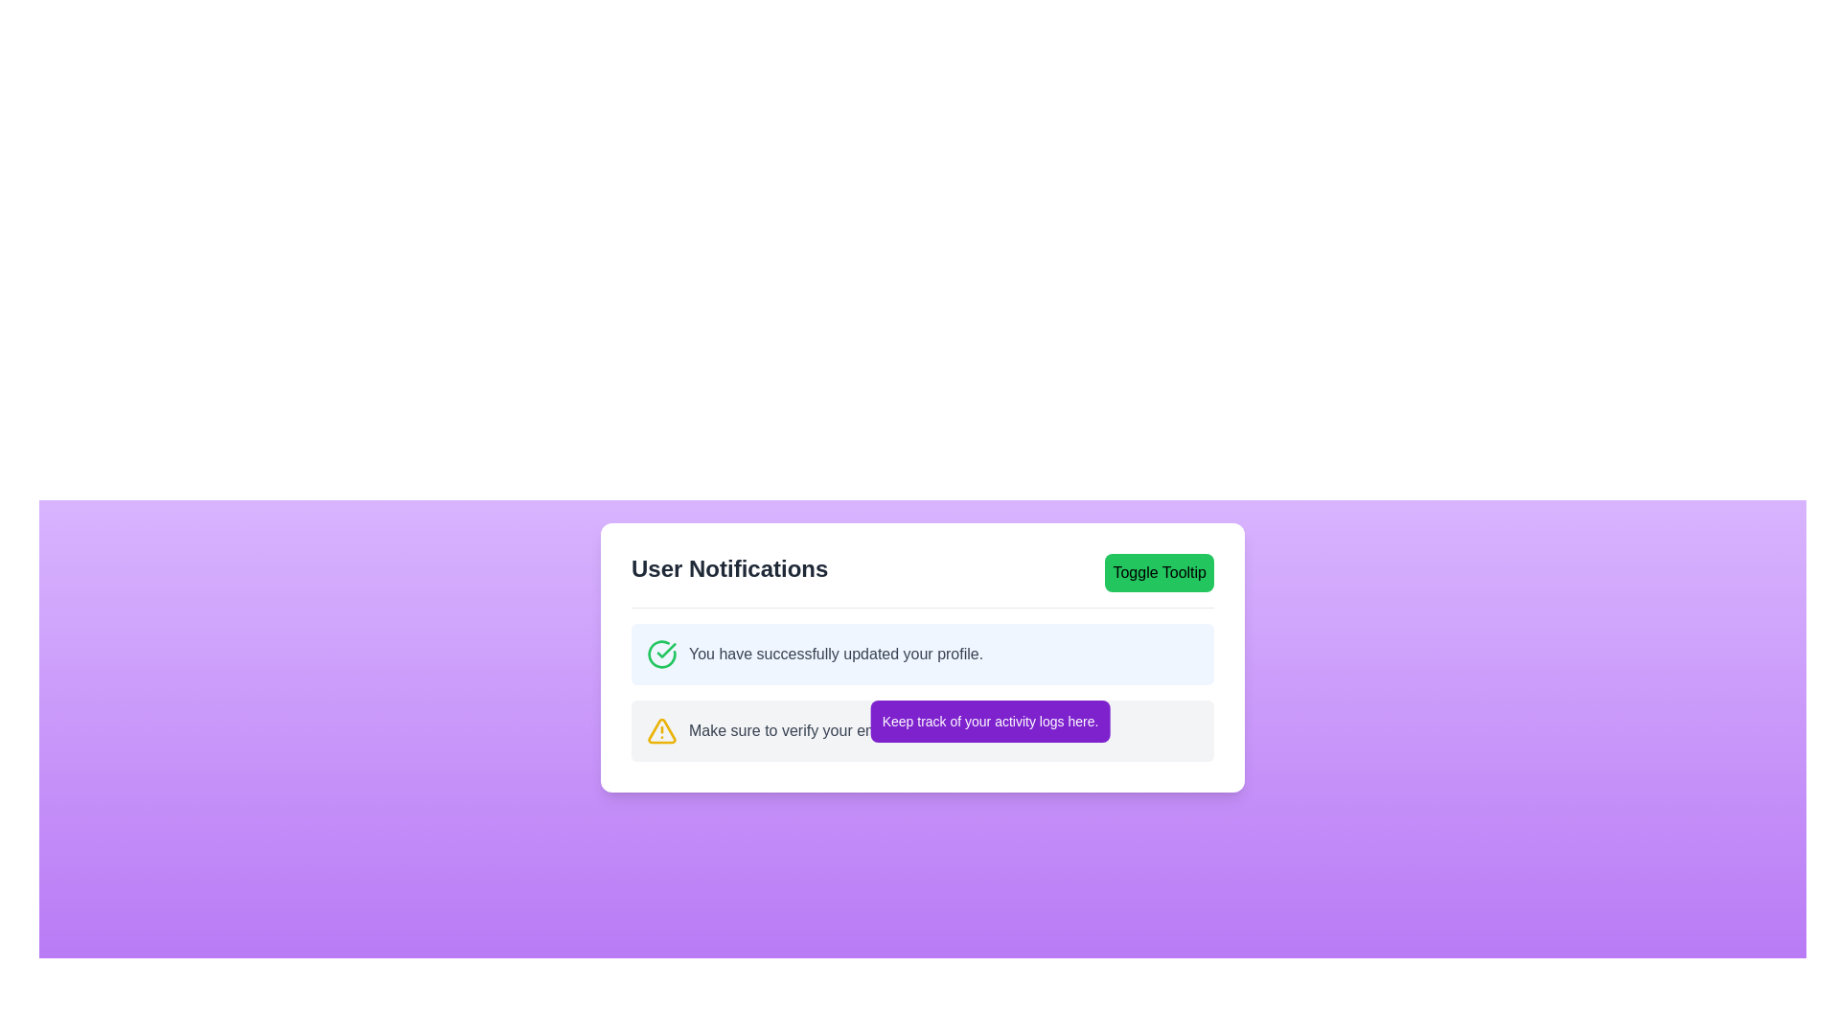 The height and width of the screenshot is (1035, 1840). Describe the element at coordinates (923, 731) in the screenshot. I see `the notification message stating 'Make sure to verify your email address.' by interacting with its associated controls` at that location.